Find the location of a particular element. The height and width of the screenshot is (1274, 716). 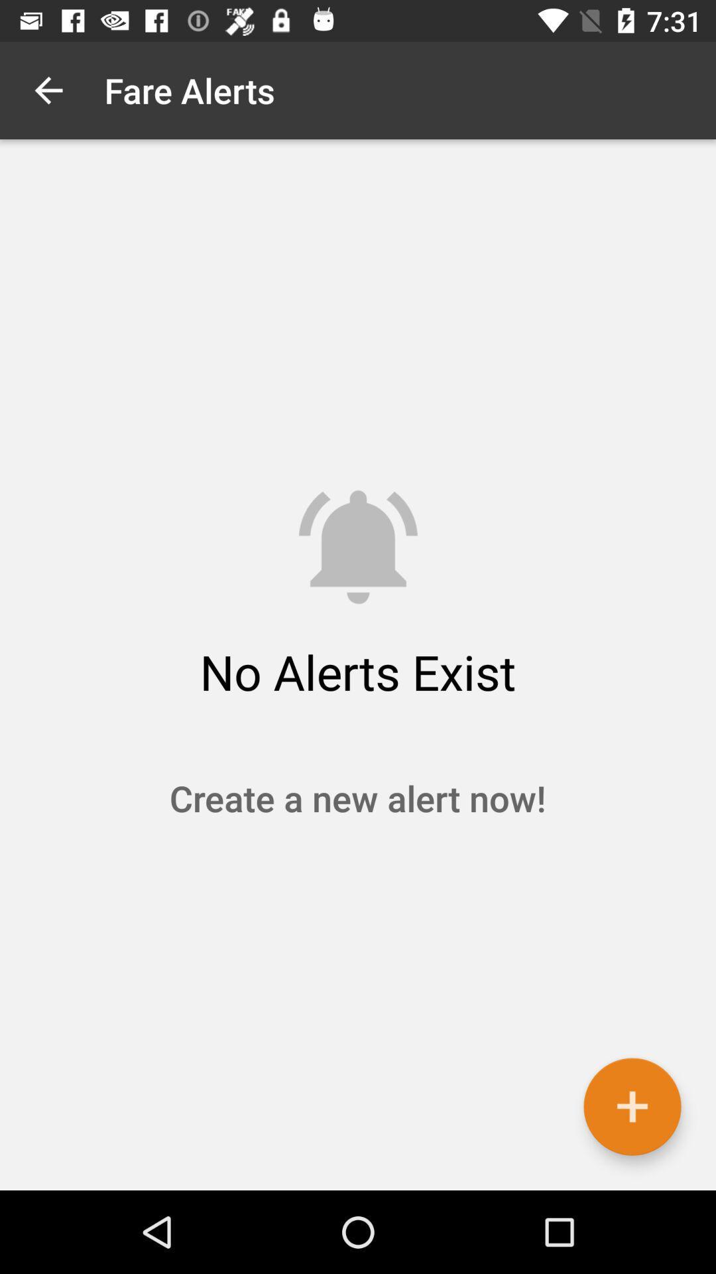

icon to the left of fare alerts is located at coordinates (48, 90).